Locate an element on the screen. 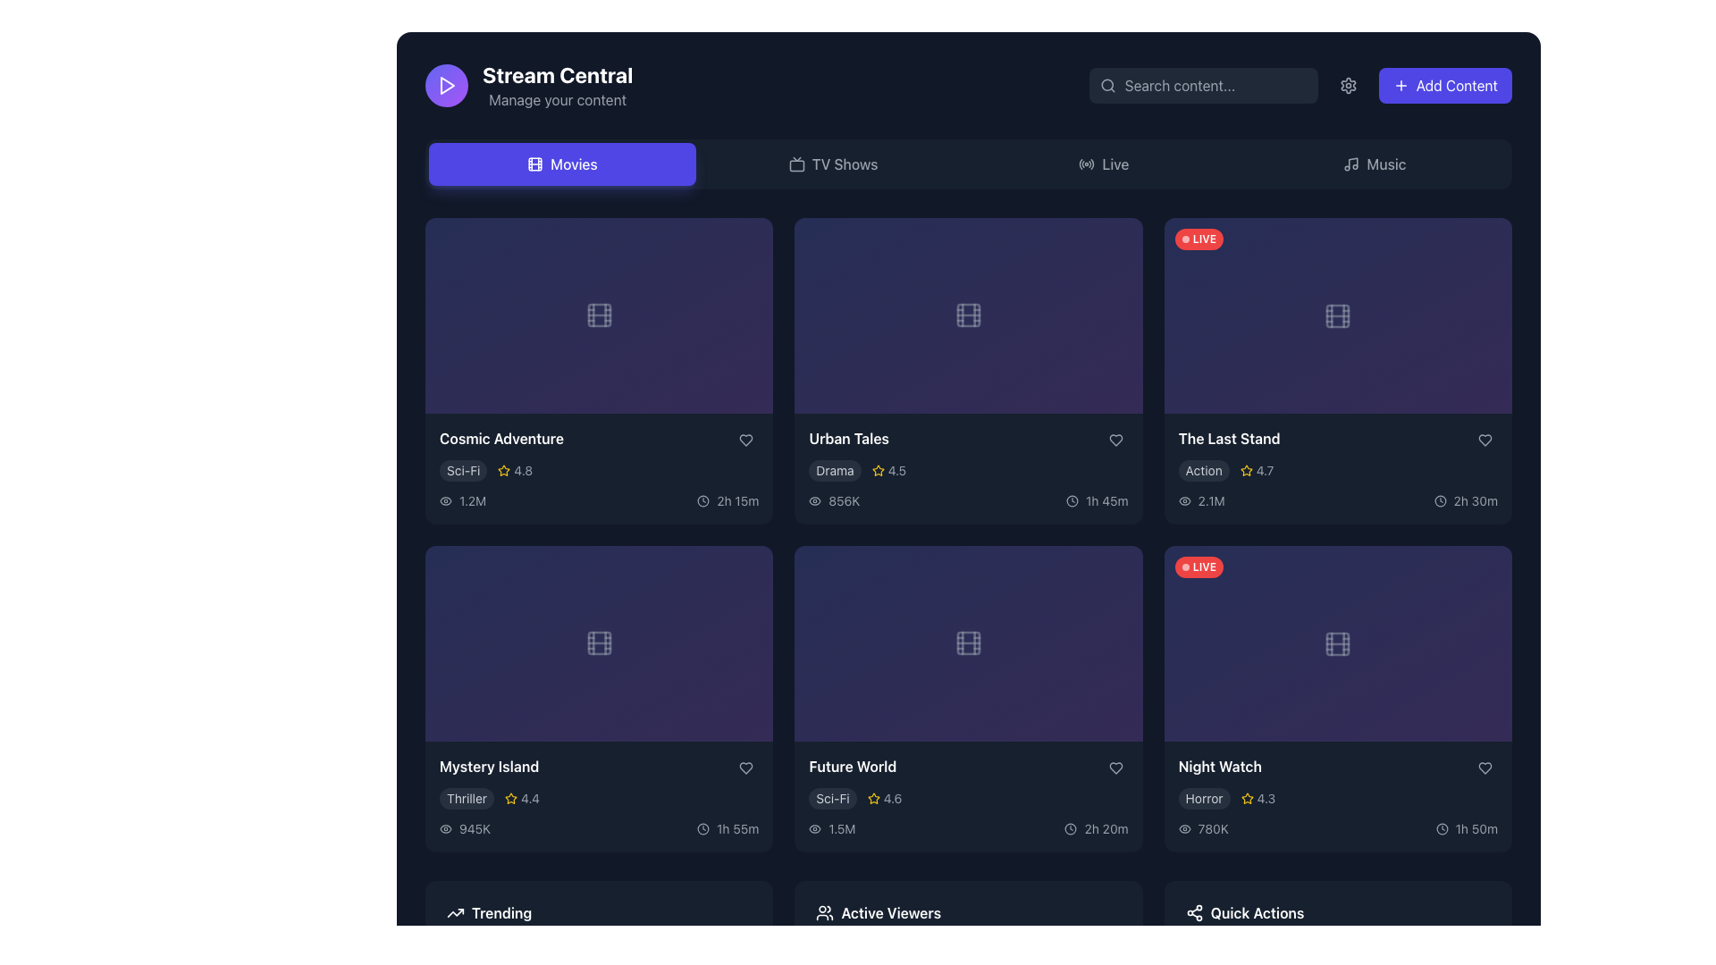 This screenshot has width=1716, height=965. the triangular play button icon, which is white and outlined, located inside a circular background in the top-left segment of the application interface near the title 'Stream Central.' is located at coordinates (447, 86).